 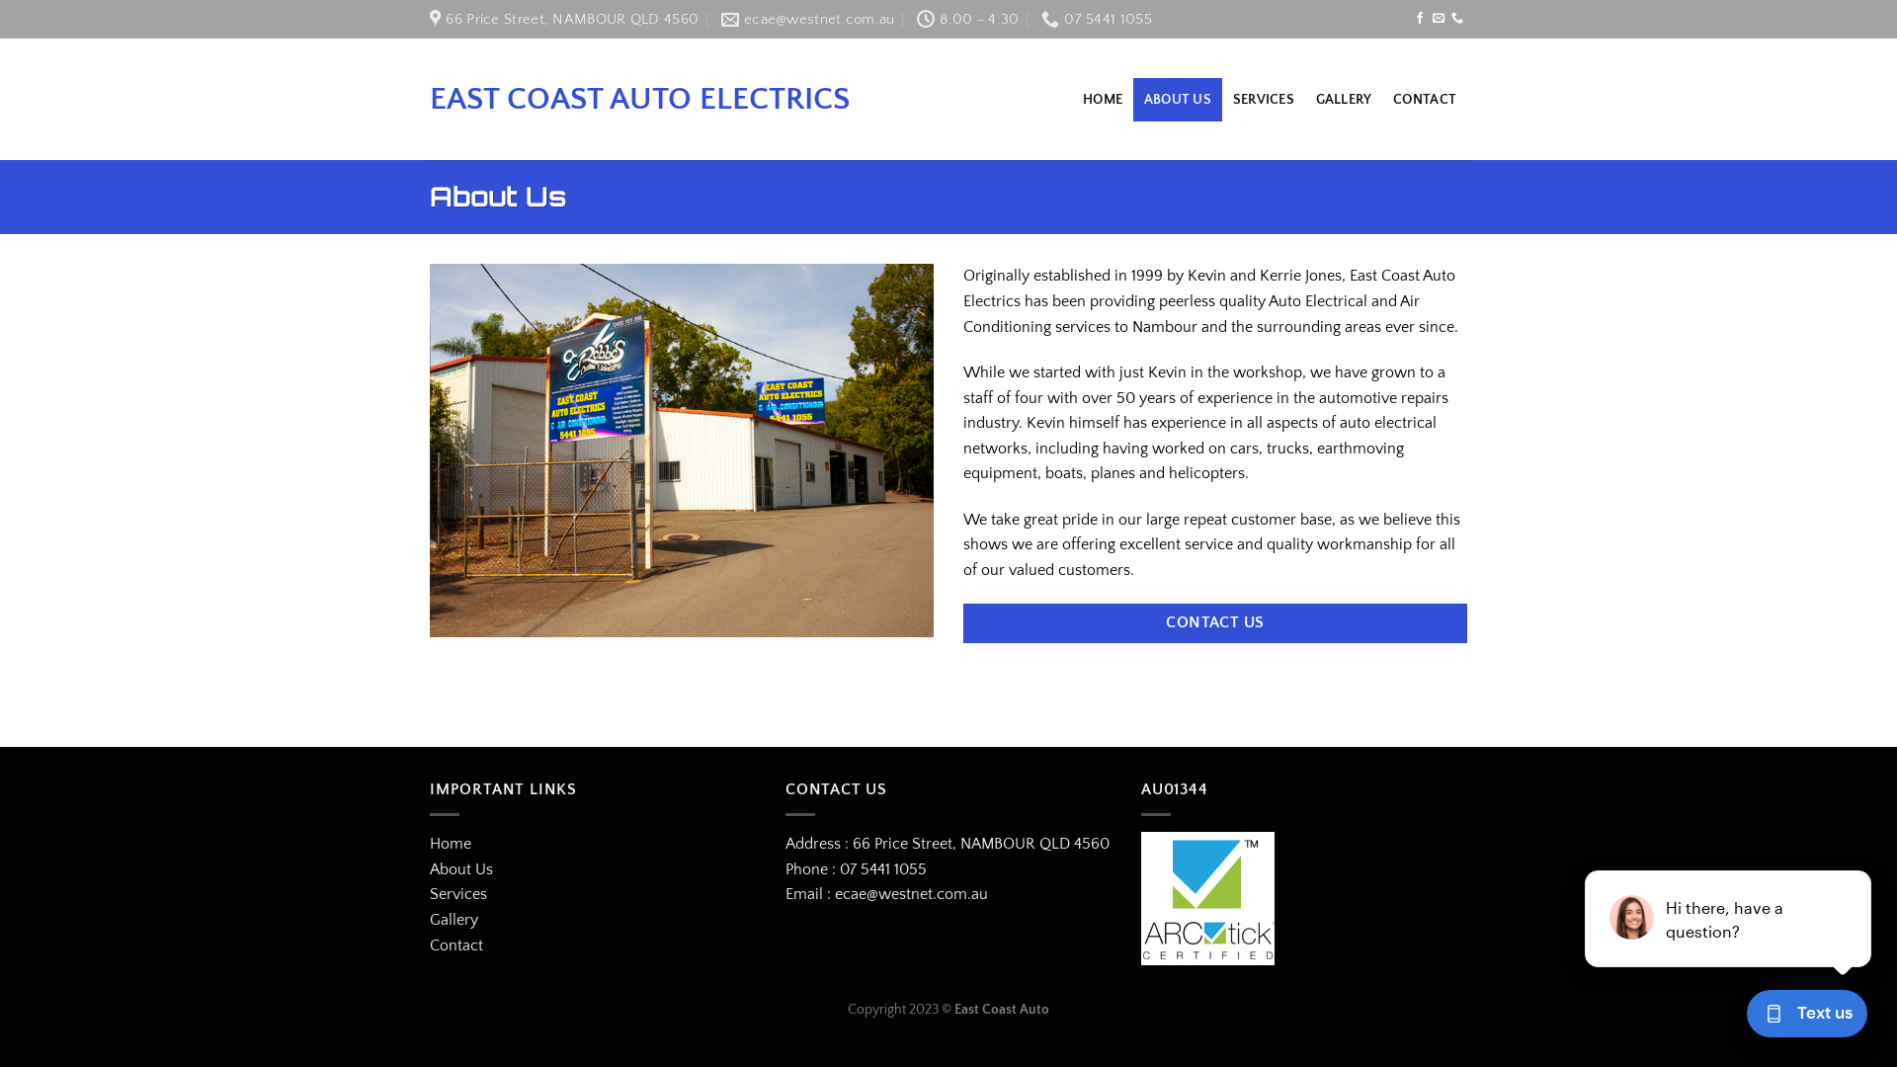 What do you see at coordinates (1380, 99) in the screenshot?
I see `'CONTACT'` at bounding box center [1380, 99].